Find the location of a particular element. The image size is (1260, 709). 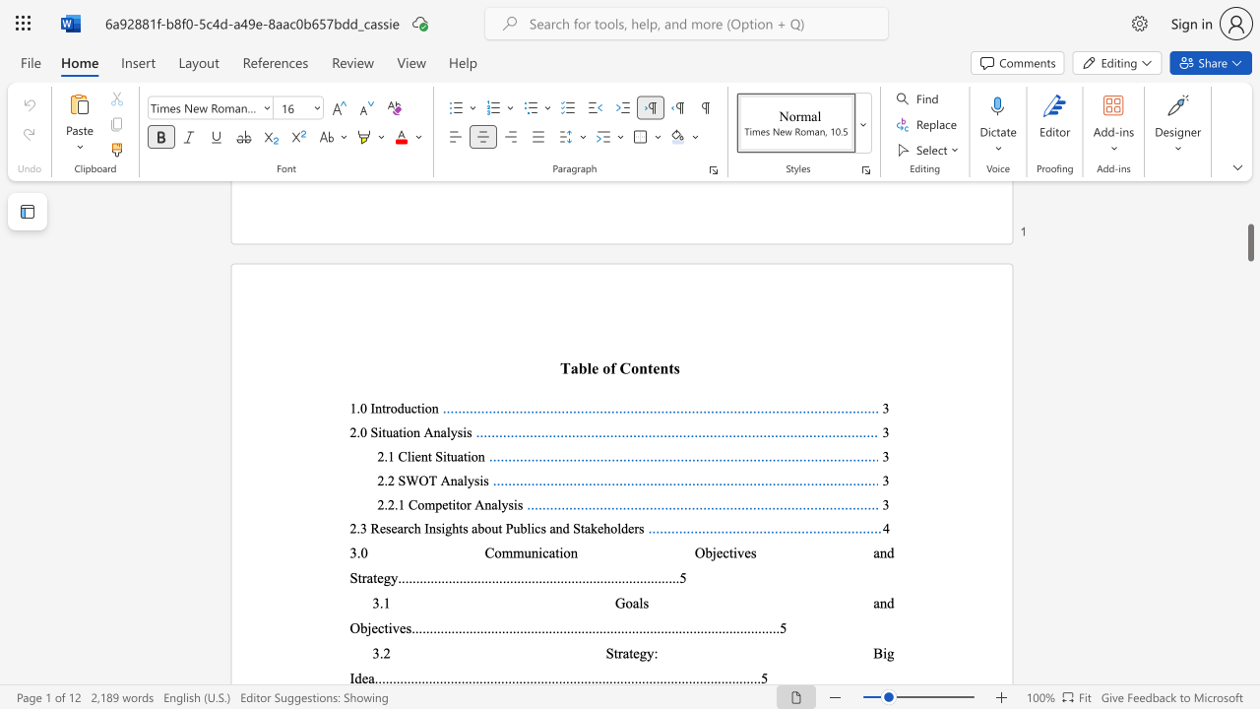

the subset text "........." within the text "..............................................................................5" is located at coordinates (454, 577).